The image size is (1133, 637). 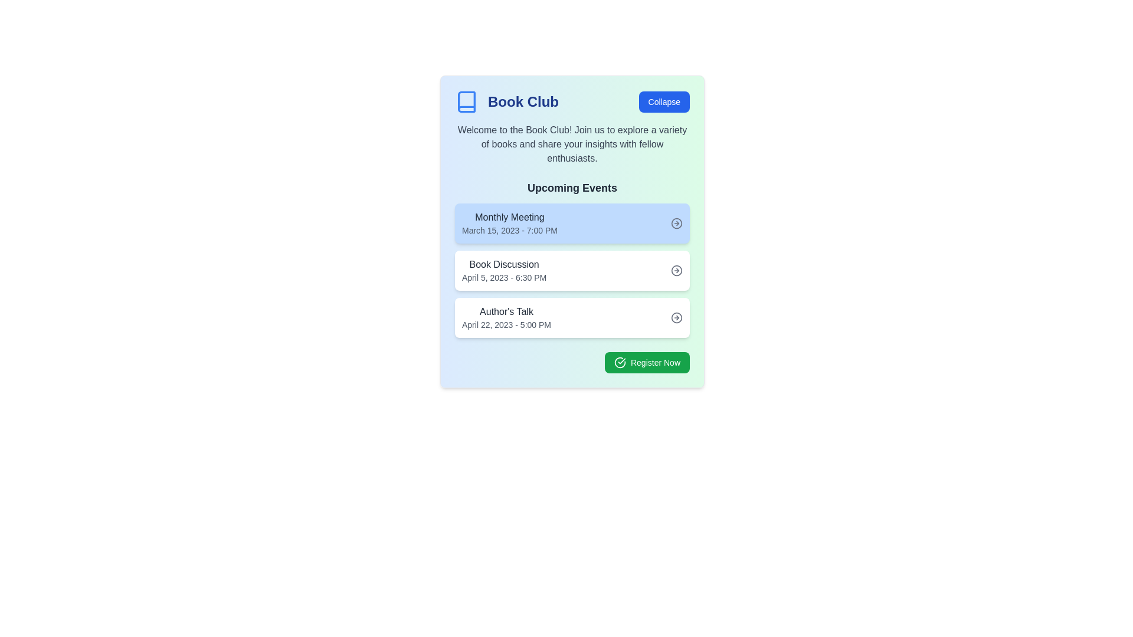 I want to click on the confirmation icon located to the left of the 'Register Now' button within the green background, indicating a positive action, so click(x=620, y=362).